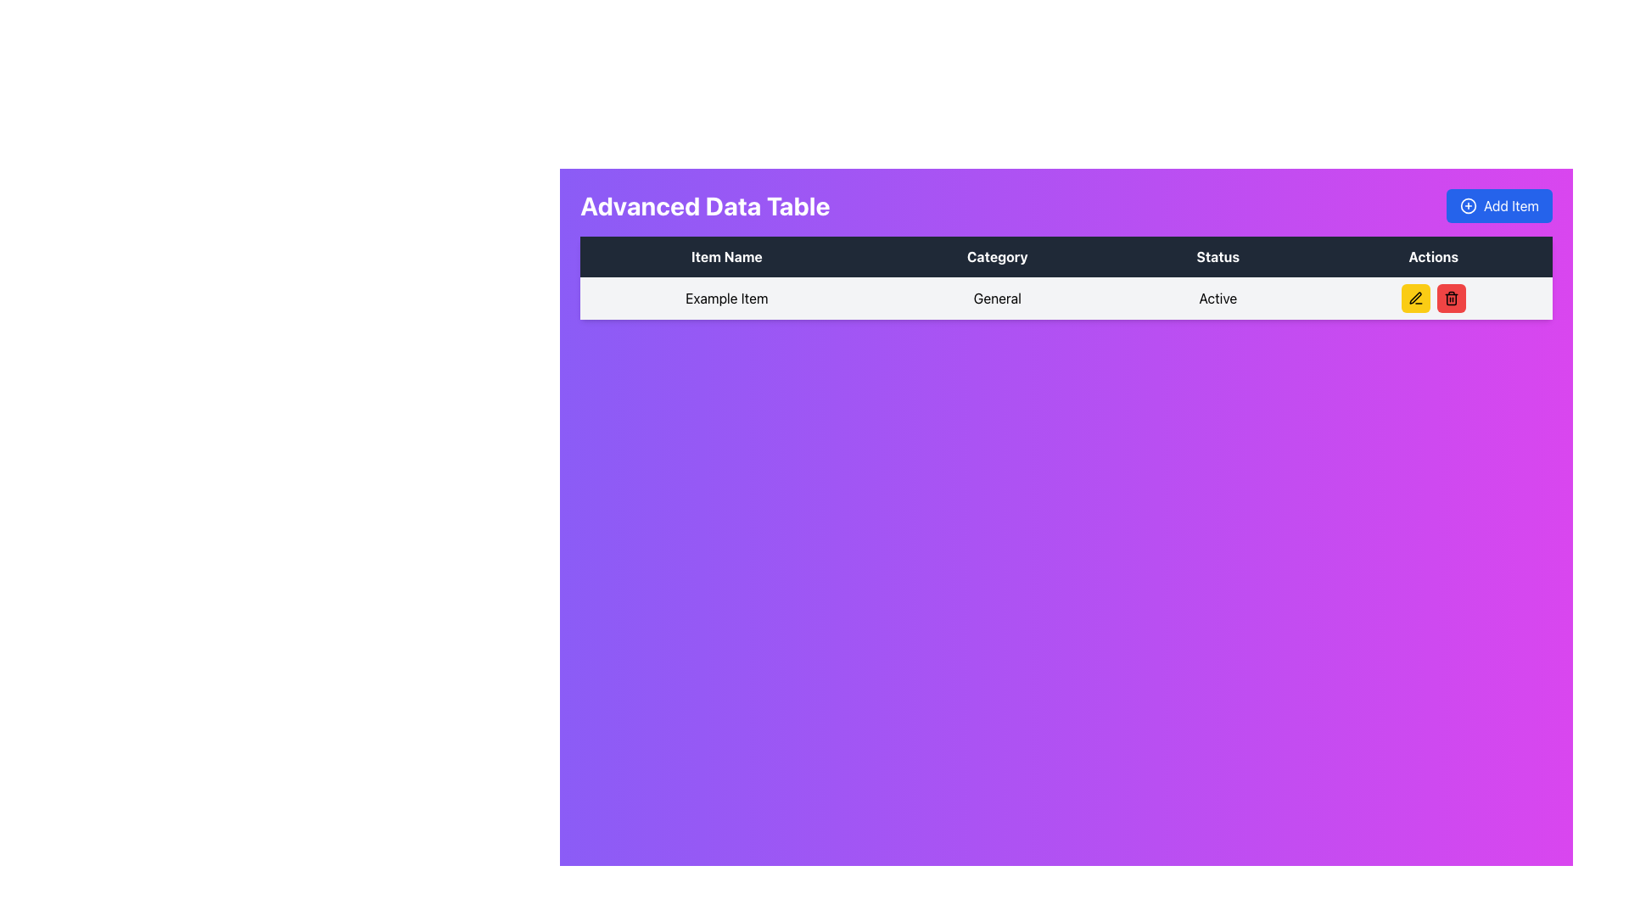 This screenshot has height=916, width=1629. Describe the element at coordinates (1450, 297) in the screenshot. I see `the delete button located` at that location.